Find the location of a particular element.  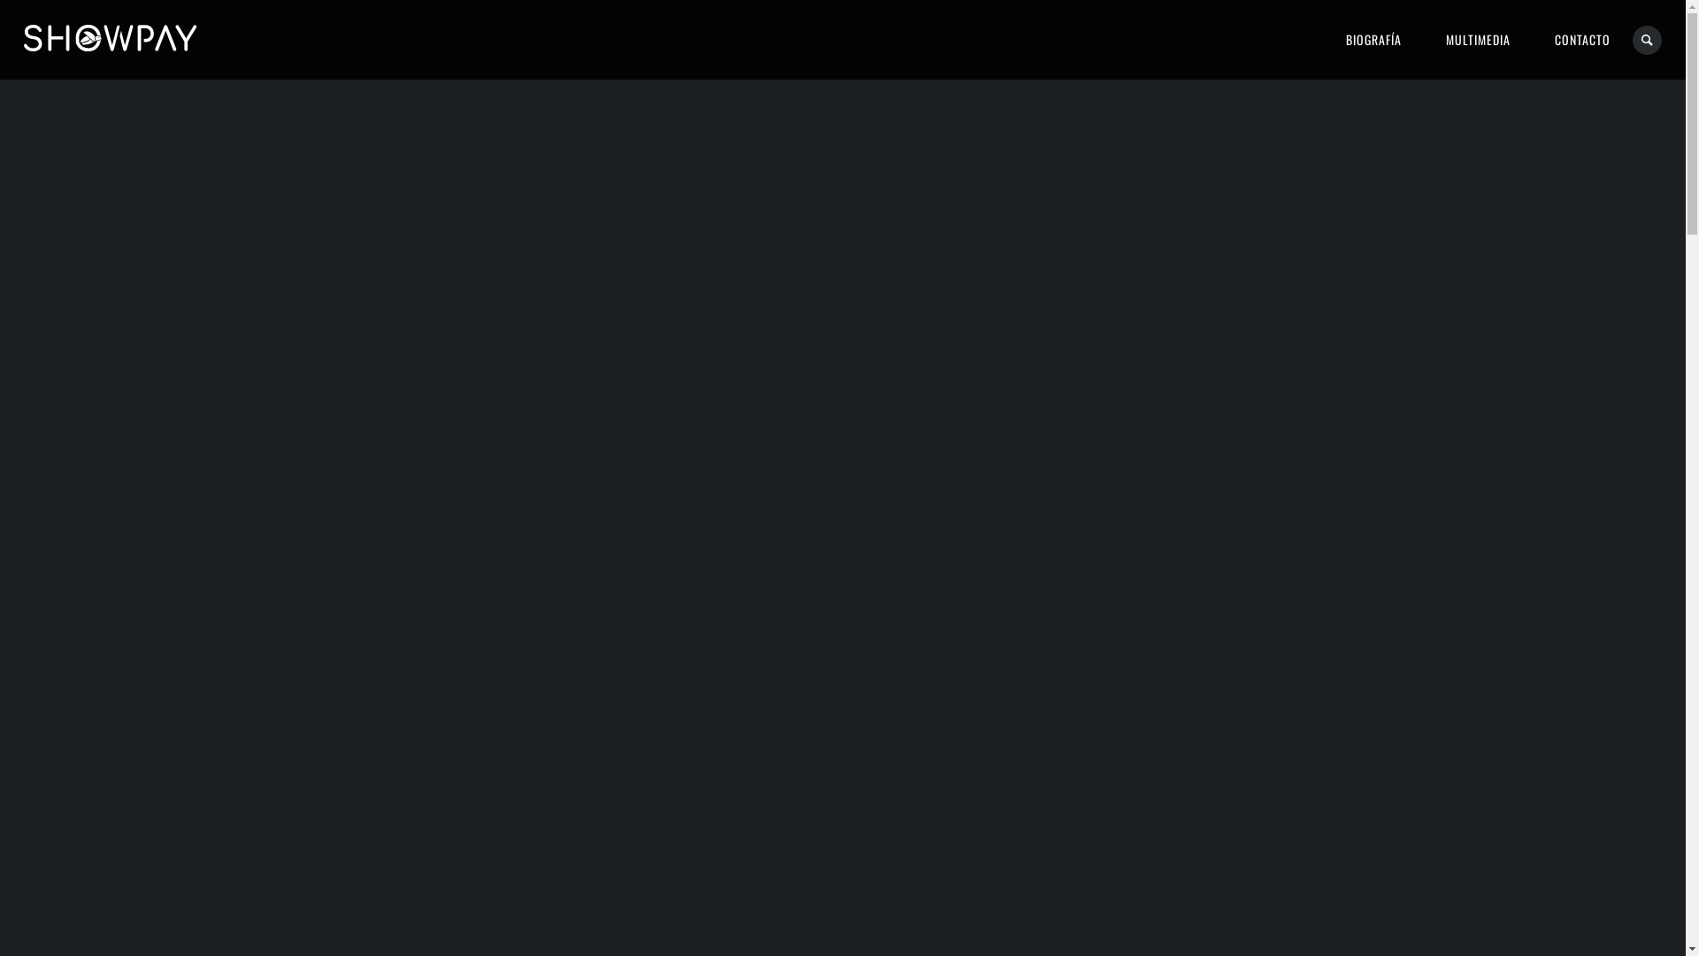

'CONTACTO' is located at coordinates (1582, 40).